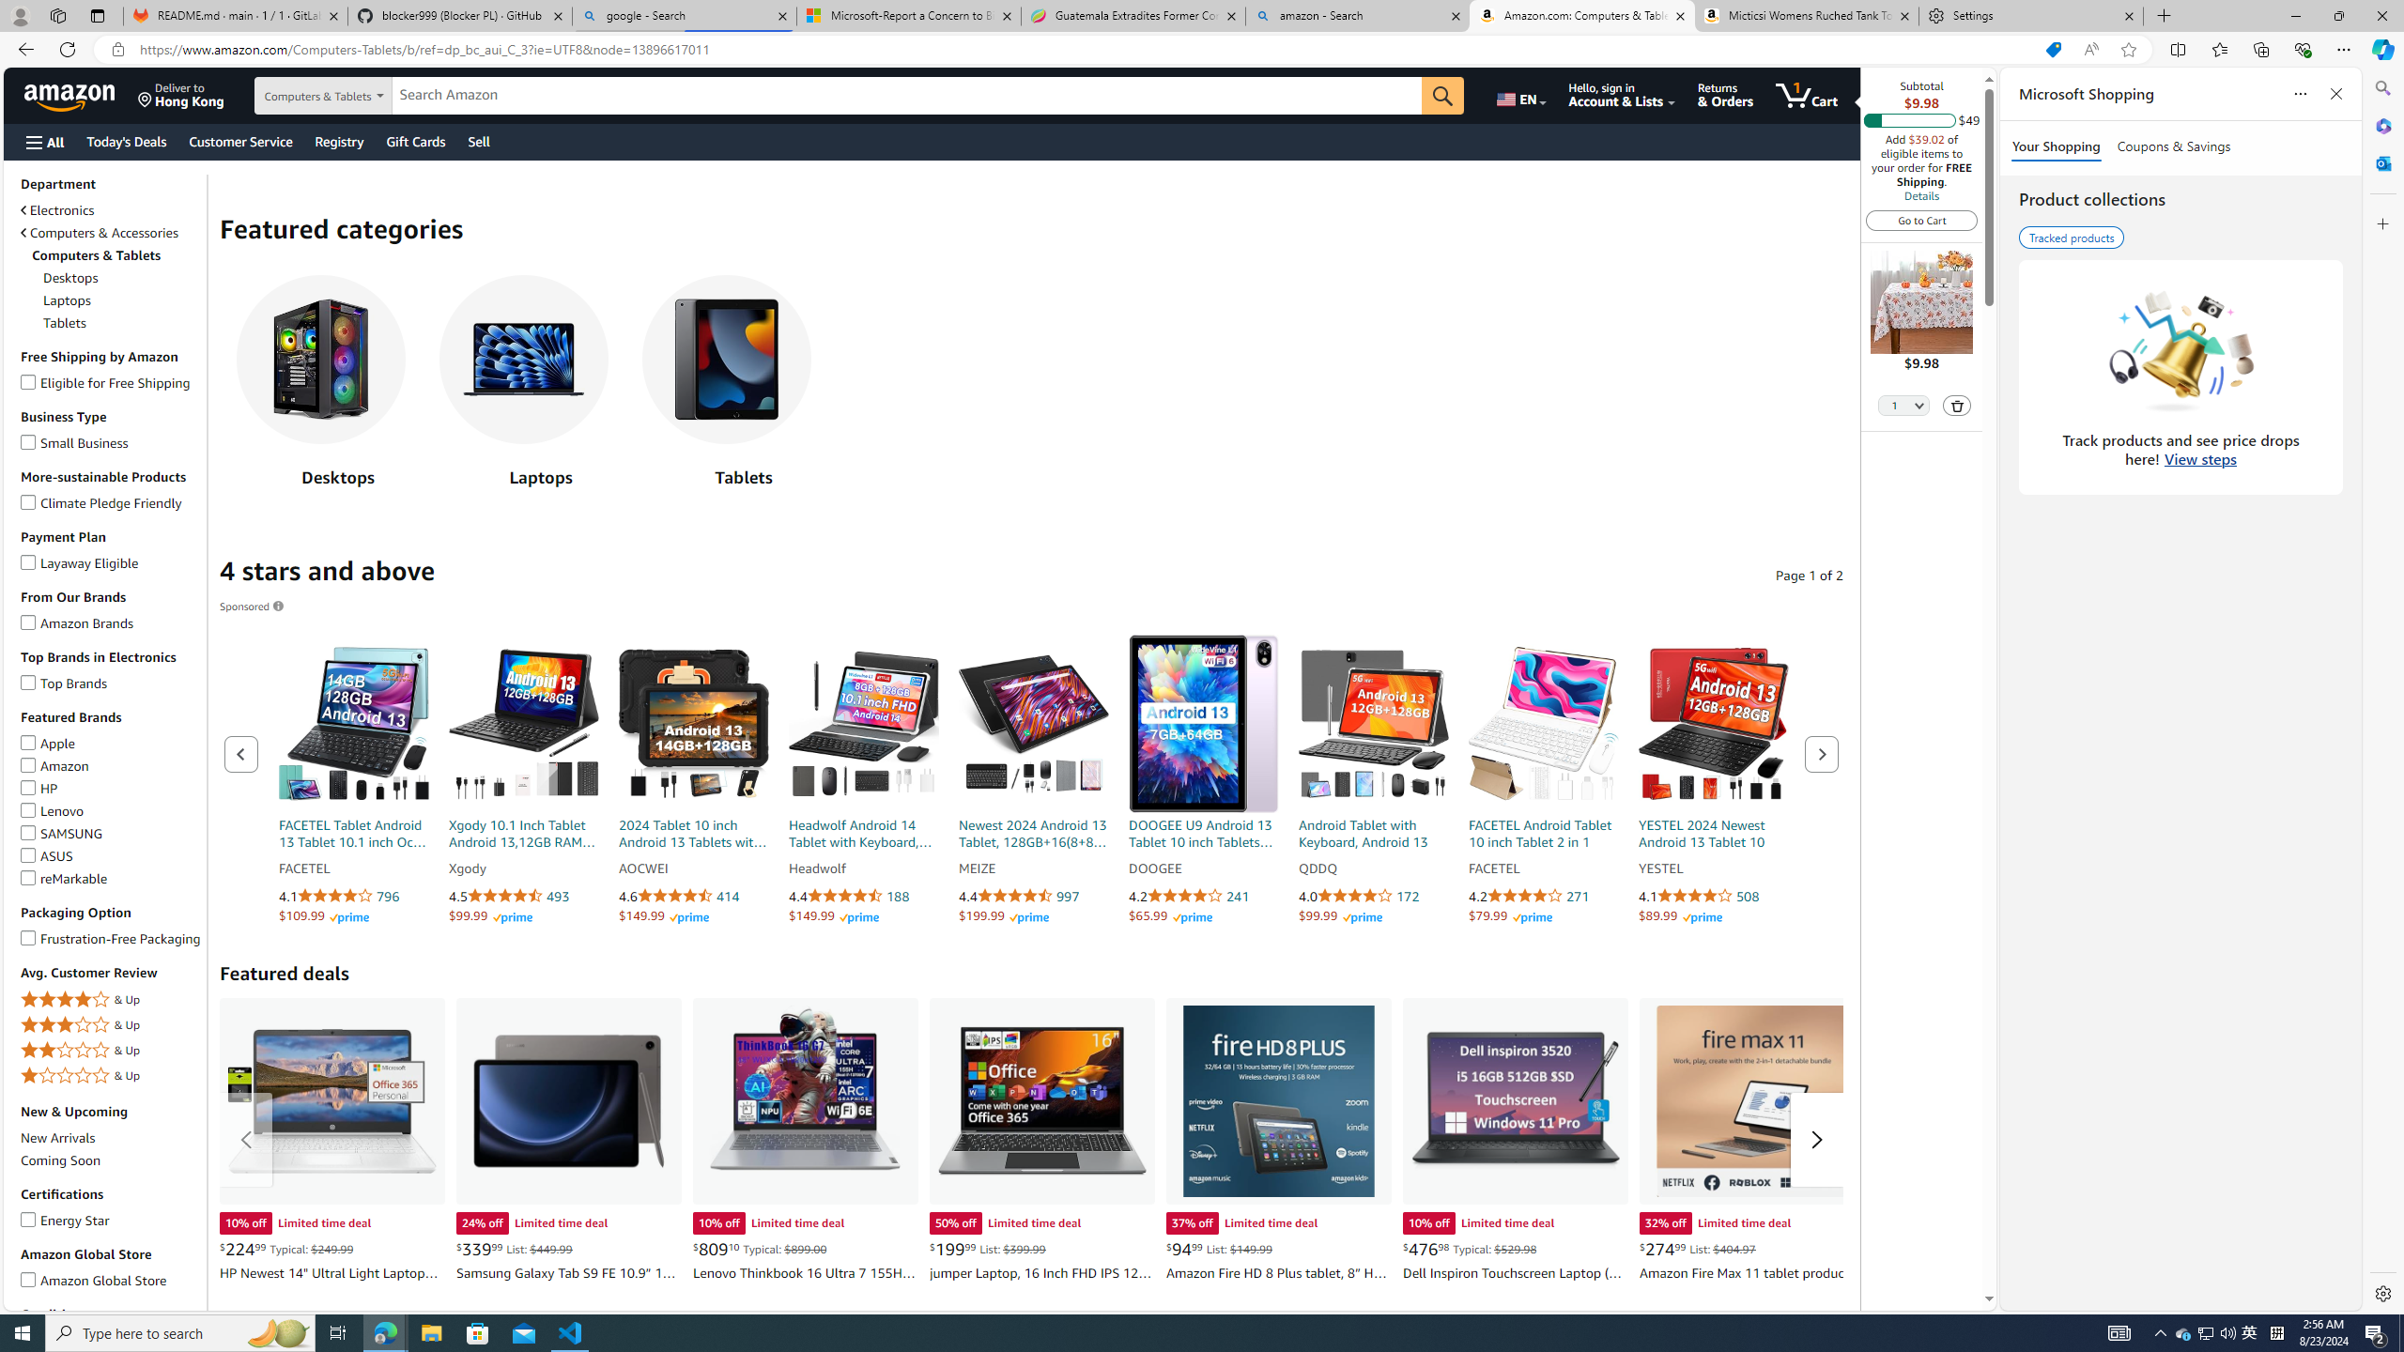 Image resolution: width=2404 pixels, height=1352 pixels. Describe the element at coordinates (524, 868) in the screenshot. I see `'Xgody'` at that location.